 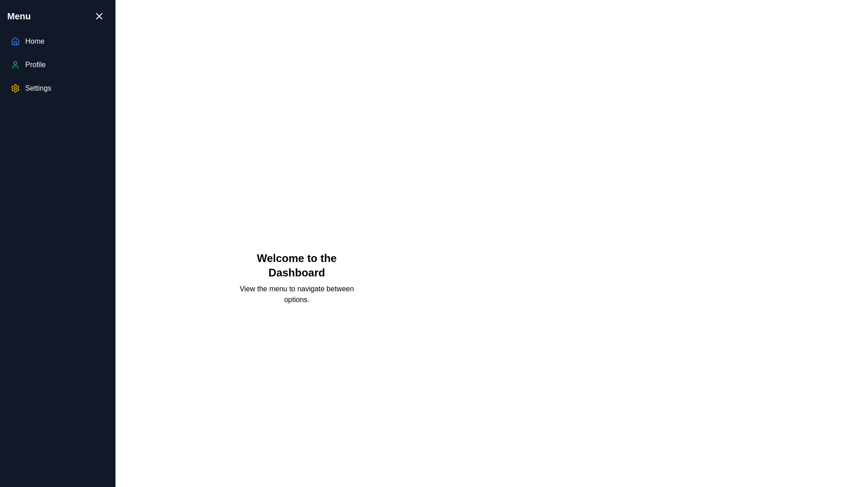 I want to click on the yellow cogwheel icon with a black outline, located next to the 'Settings' text in the vertical navigation menu, so click(x=15, y=88).